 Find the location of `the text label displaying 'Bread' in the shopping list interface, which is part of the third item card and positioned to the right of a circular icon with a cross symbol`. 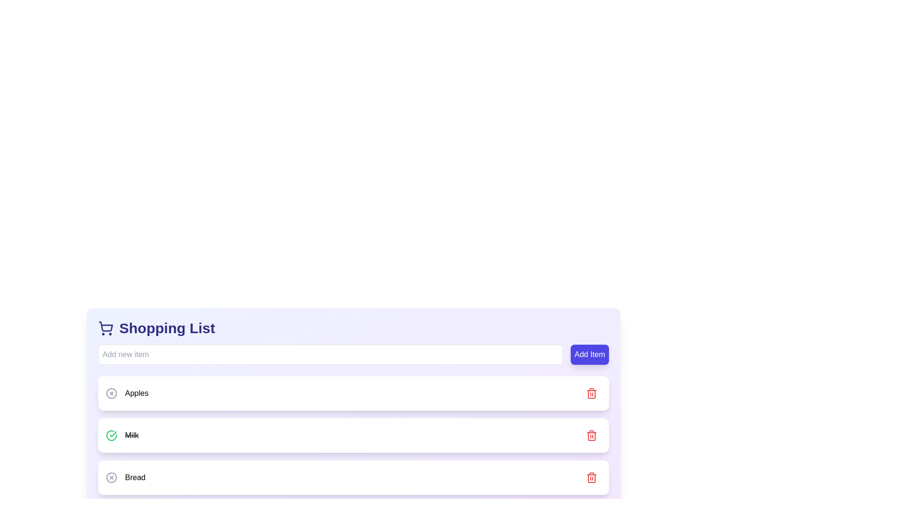

the text label displaying 'Bread' in the shopping list interface, which is part of the third item card and positioned to the right of a circular icon with a cross symbol is located at coordinates (125, 478).